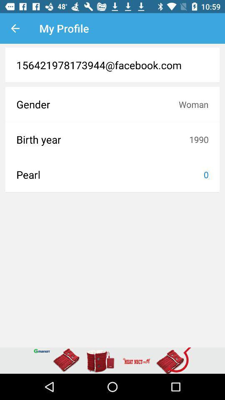  What do you see at coordinates (97, 104) in the screenshot?
I see `the icon next to woman item` at bounding box center [97, 104].